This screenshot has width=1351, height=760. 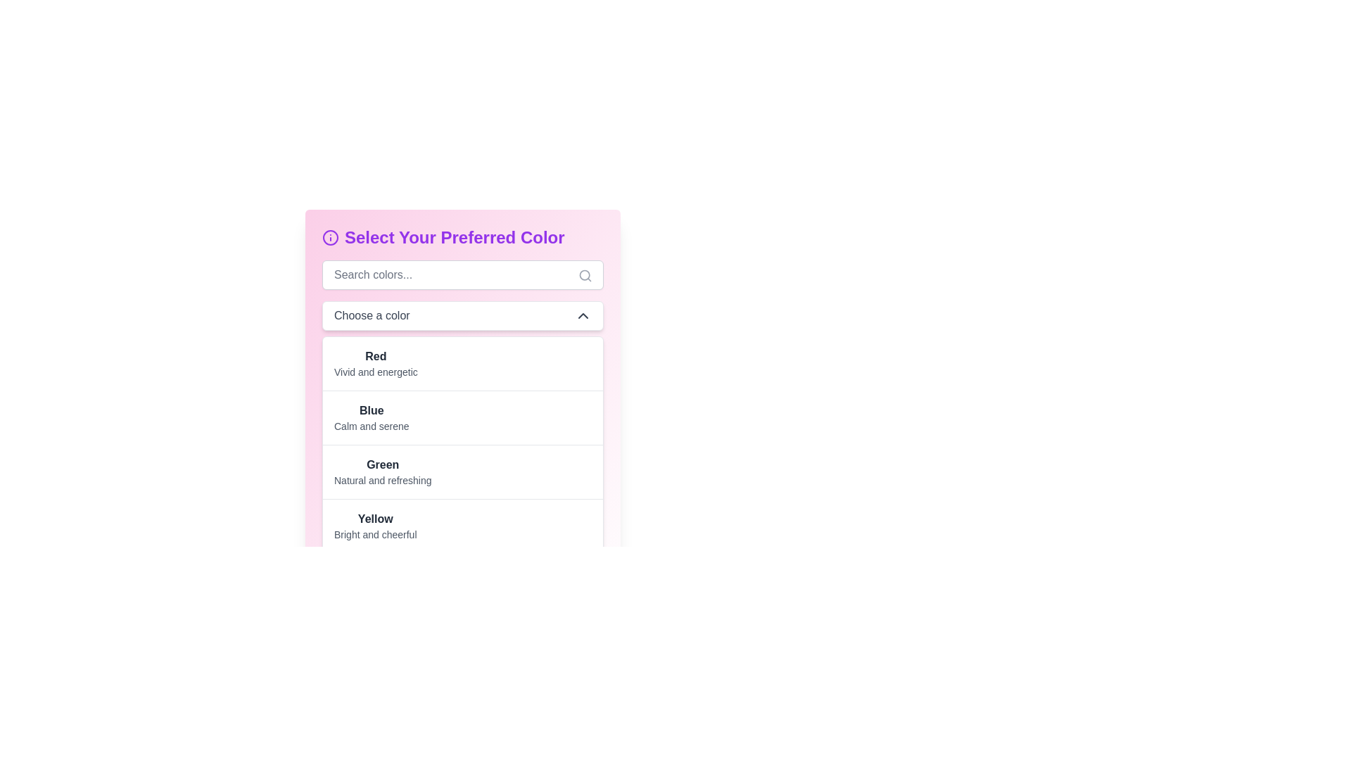 What do you see at coordinates (372, 410) in the screenshot?
I see `the static text label for the color option 'Blue', which is the first line of a two-line text block in the color options list` at bounding box center [372, 410].